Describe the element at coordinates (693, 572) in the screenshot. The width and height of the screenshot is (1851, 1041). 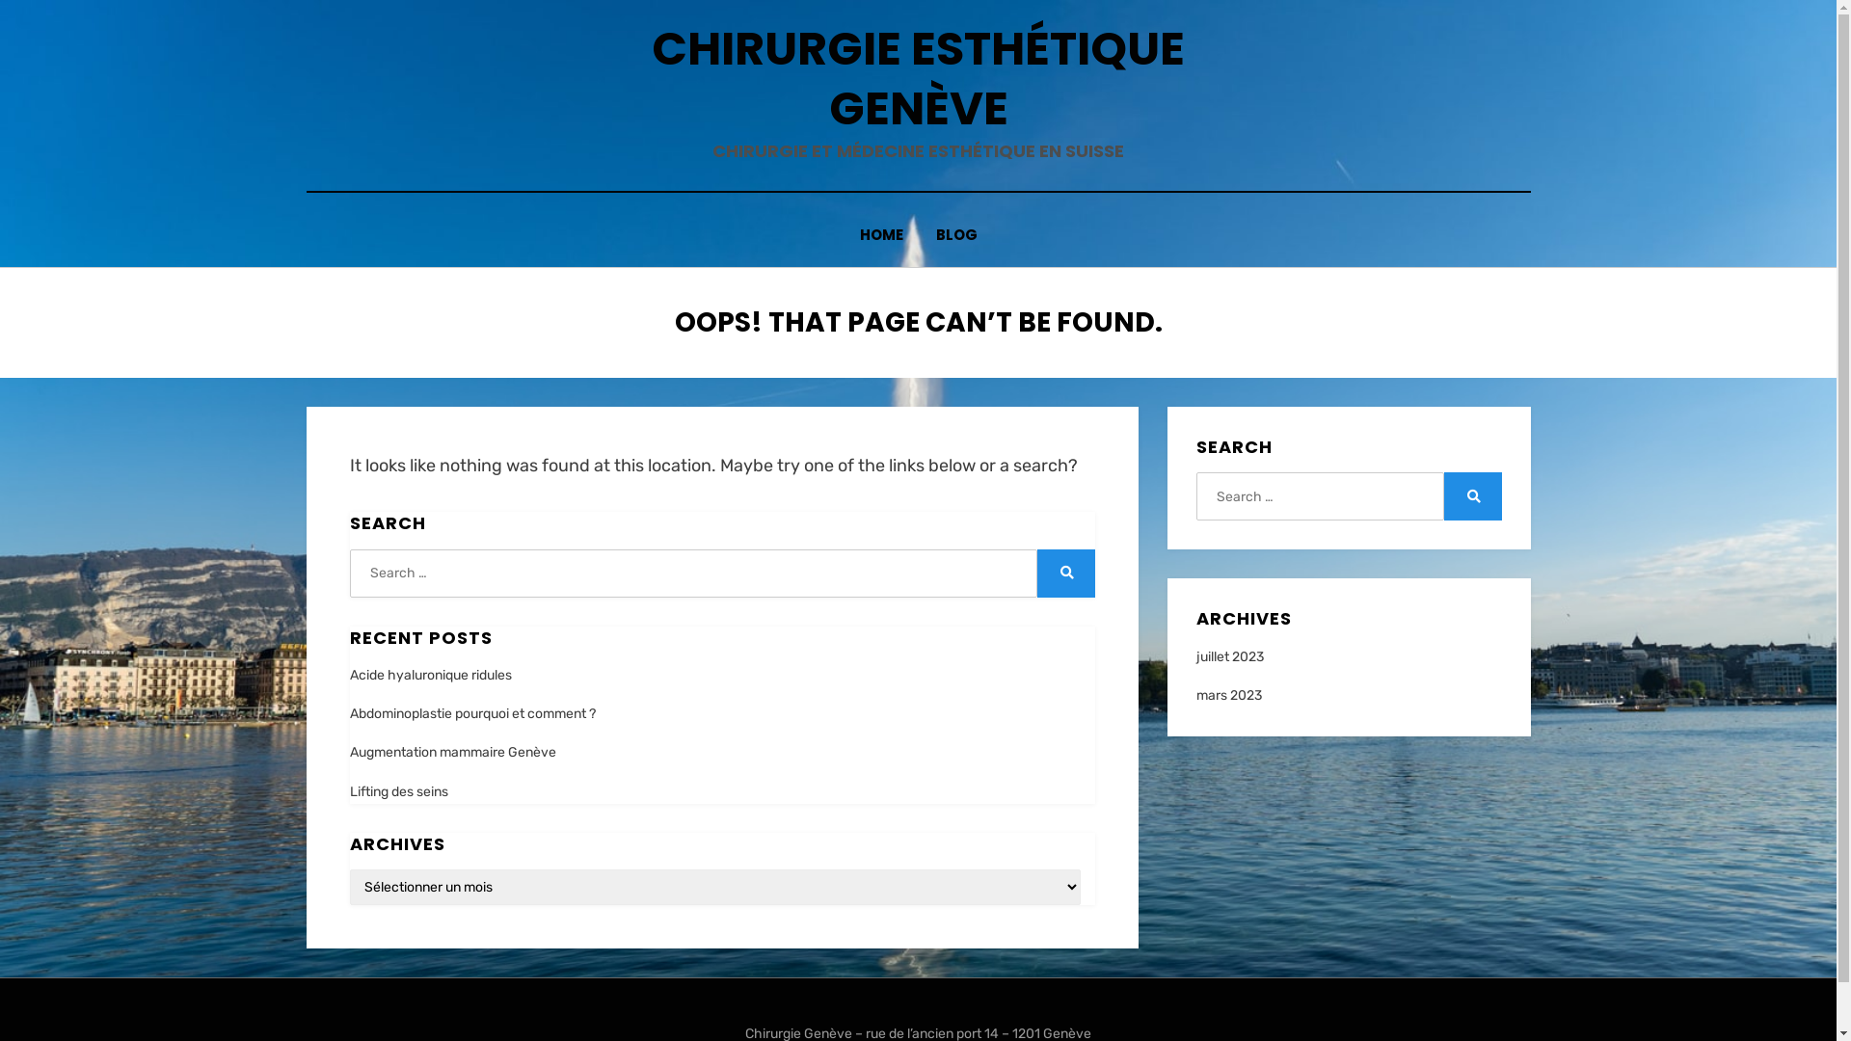
I see `'Search for:'` at that location.